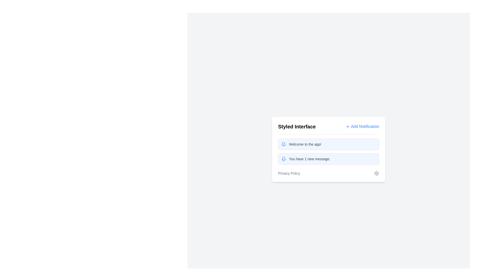 The height and width of the screenshot is (273, 485). Describe the element at coordinates (284, 158) in the screenshot. I see `the bell icon with a blue outline located at the start of the notification panel that reads 'You have 1 new message.'` at that location.